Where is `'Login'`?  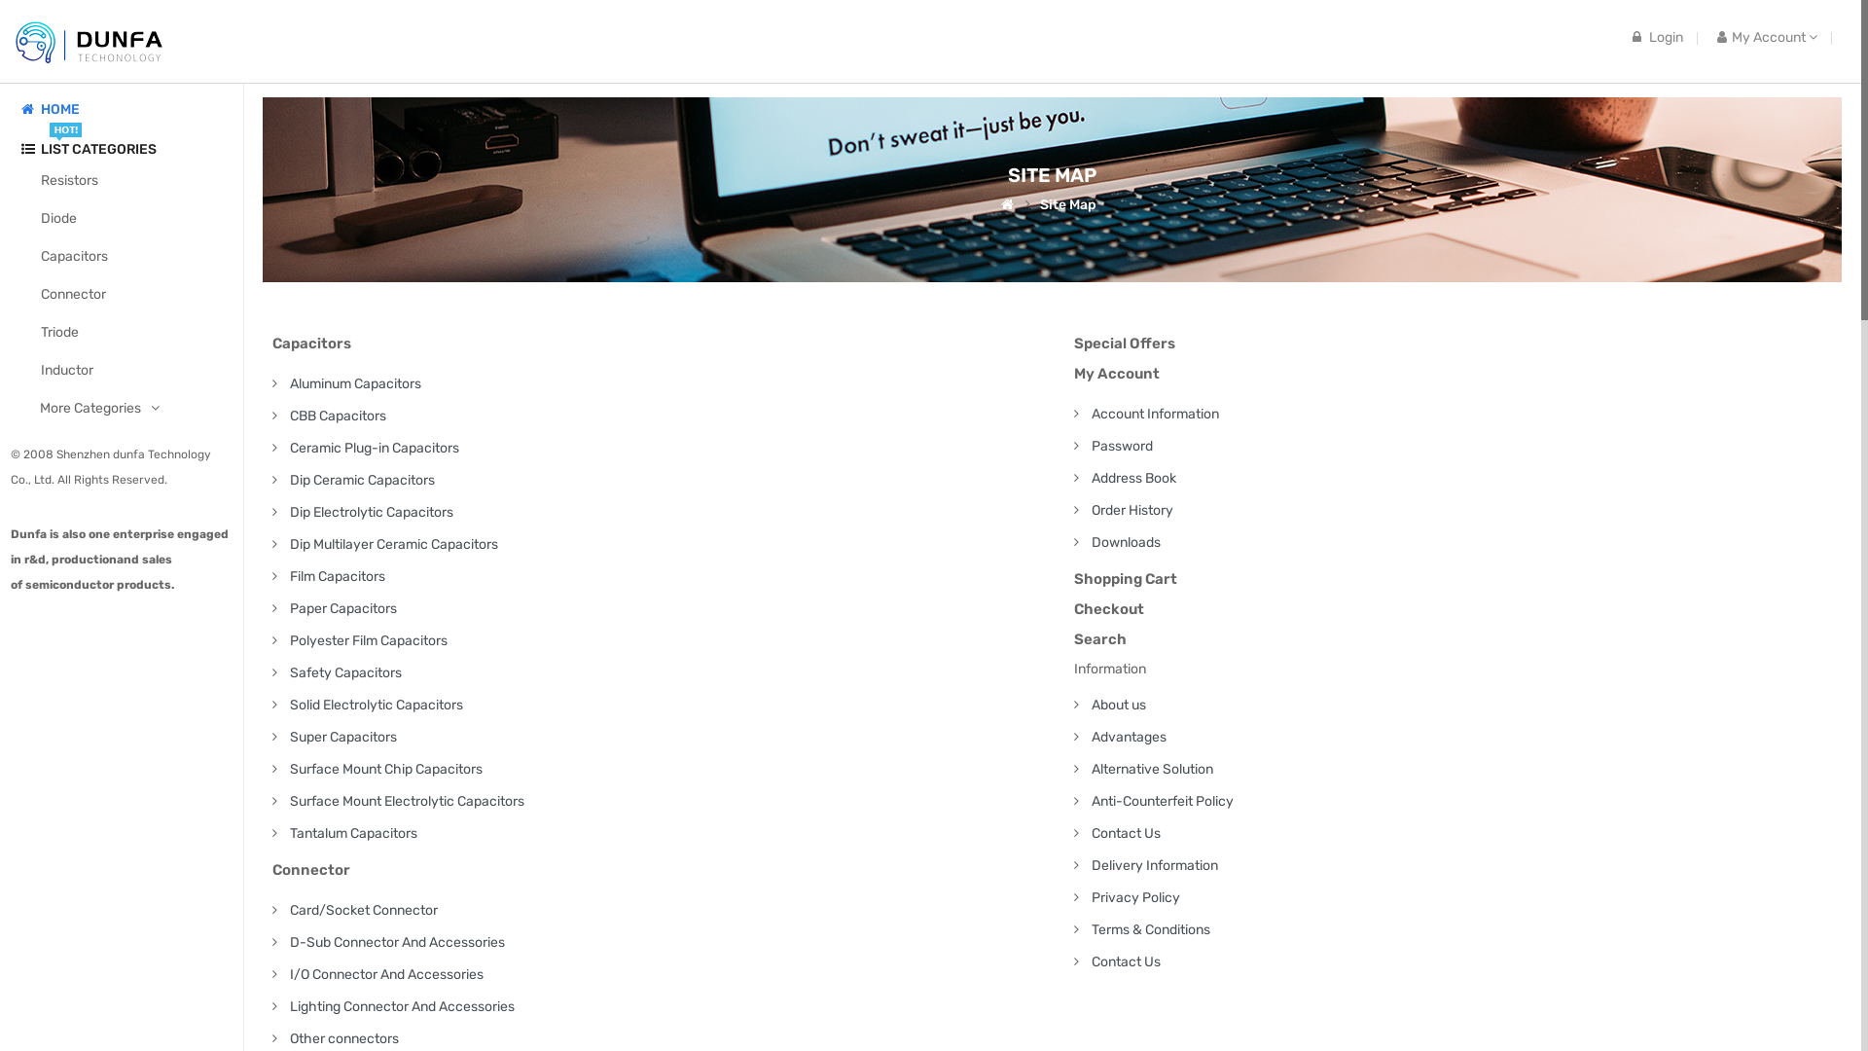 'Login' is located at coordinates (1657, 37).